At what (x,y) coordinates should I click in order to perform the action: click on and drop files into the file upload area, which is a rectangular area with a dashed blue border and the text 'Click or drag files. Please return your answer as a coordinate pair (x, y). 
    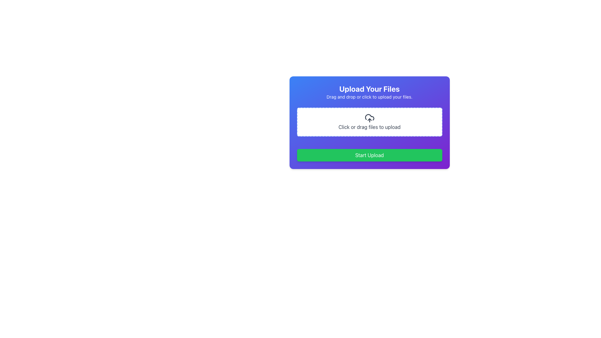
    Looking at the image, I should click on (369, 122).